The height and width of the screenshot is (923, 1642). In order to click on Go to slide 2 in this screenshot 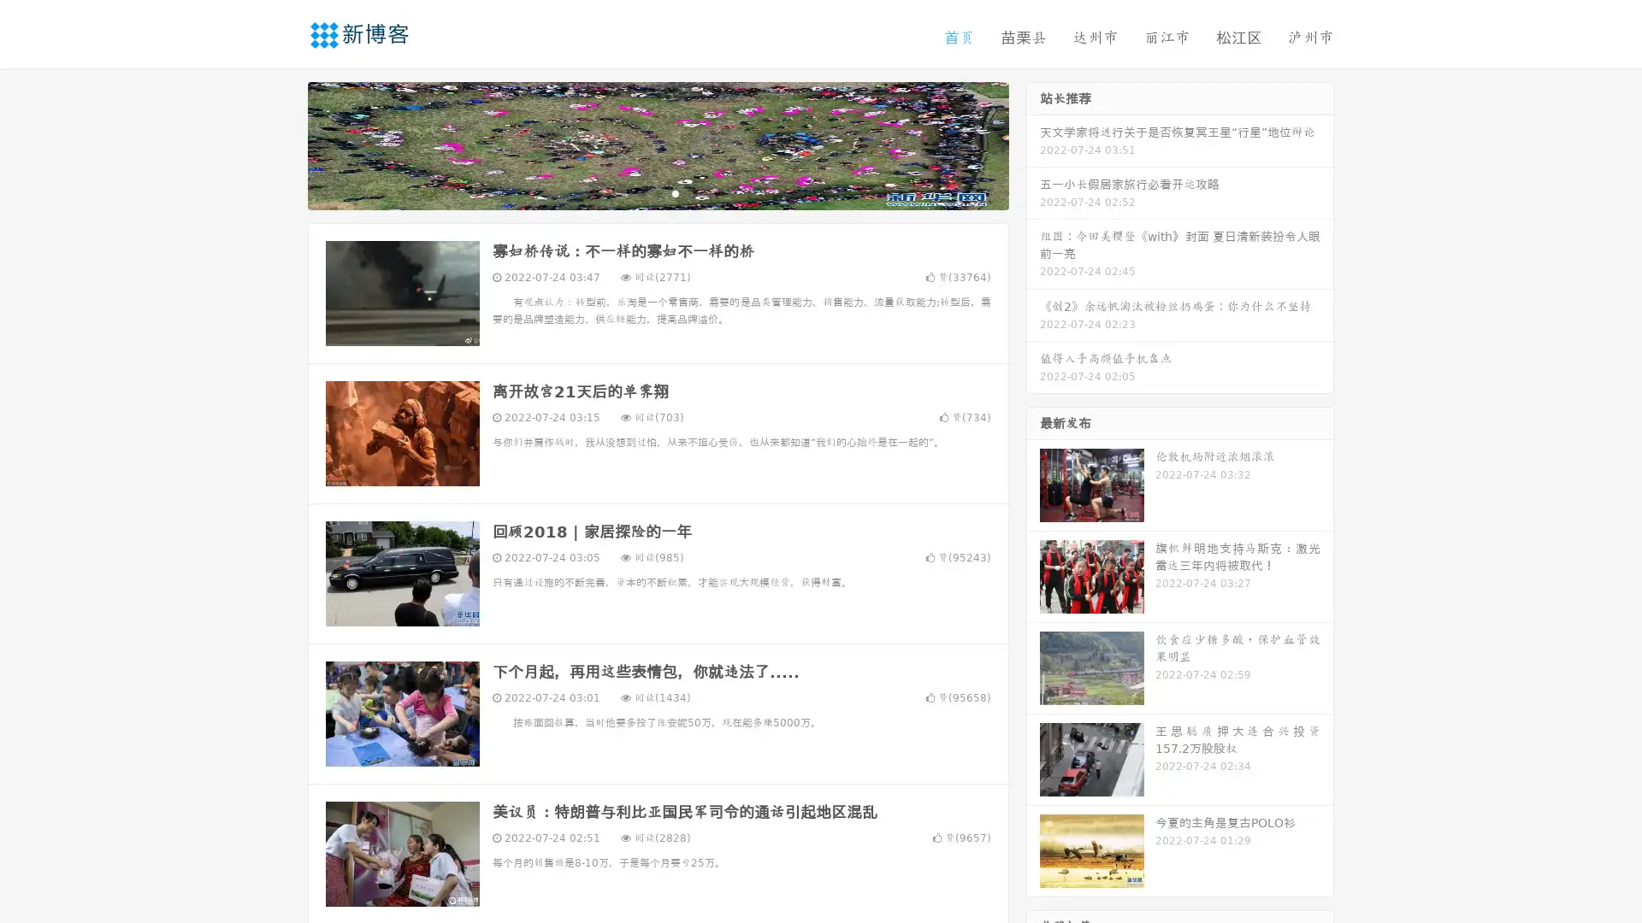, I will do `click(657, 192)`.